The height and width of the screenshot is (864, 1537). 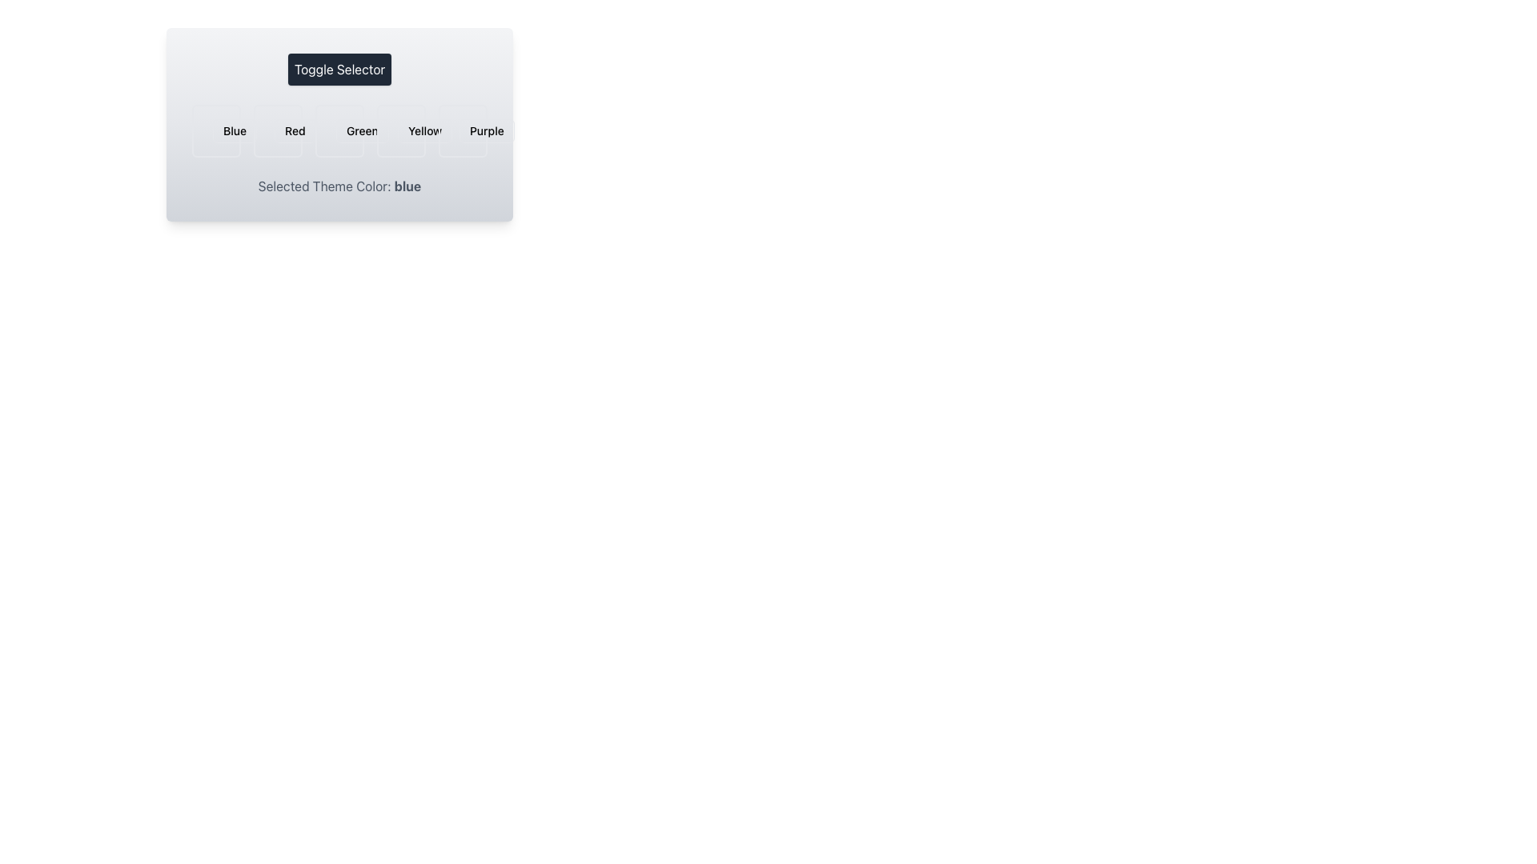 What do you see at coordinates (407, 185) in the screenshot?
I see `the text label that indicates the selected theme color, specifically showing 'blue'` at bounding box center [407, 185].